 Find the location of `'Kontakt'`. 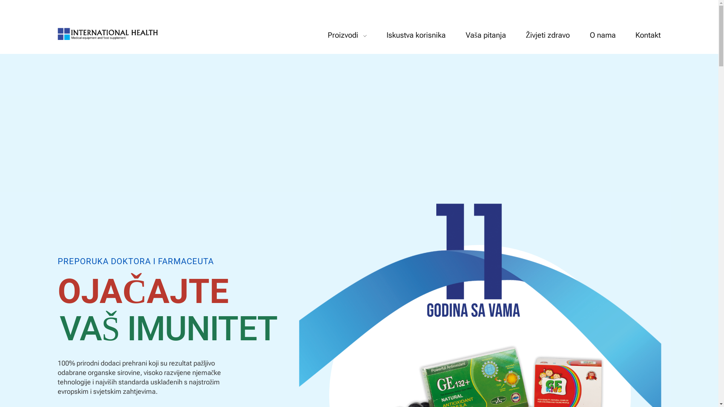

'Kontakt' is located at coordinates (643, 35).